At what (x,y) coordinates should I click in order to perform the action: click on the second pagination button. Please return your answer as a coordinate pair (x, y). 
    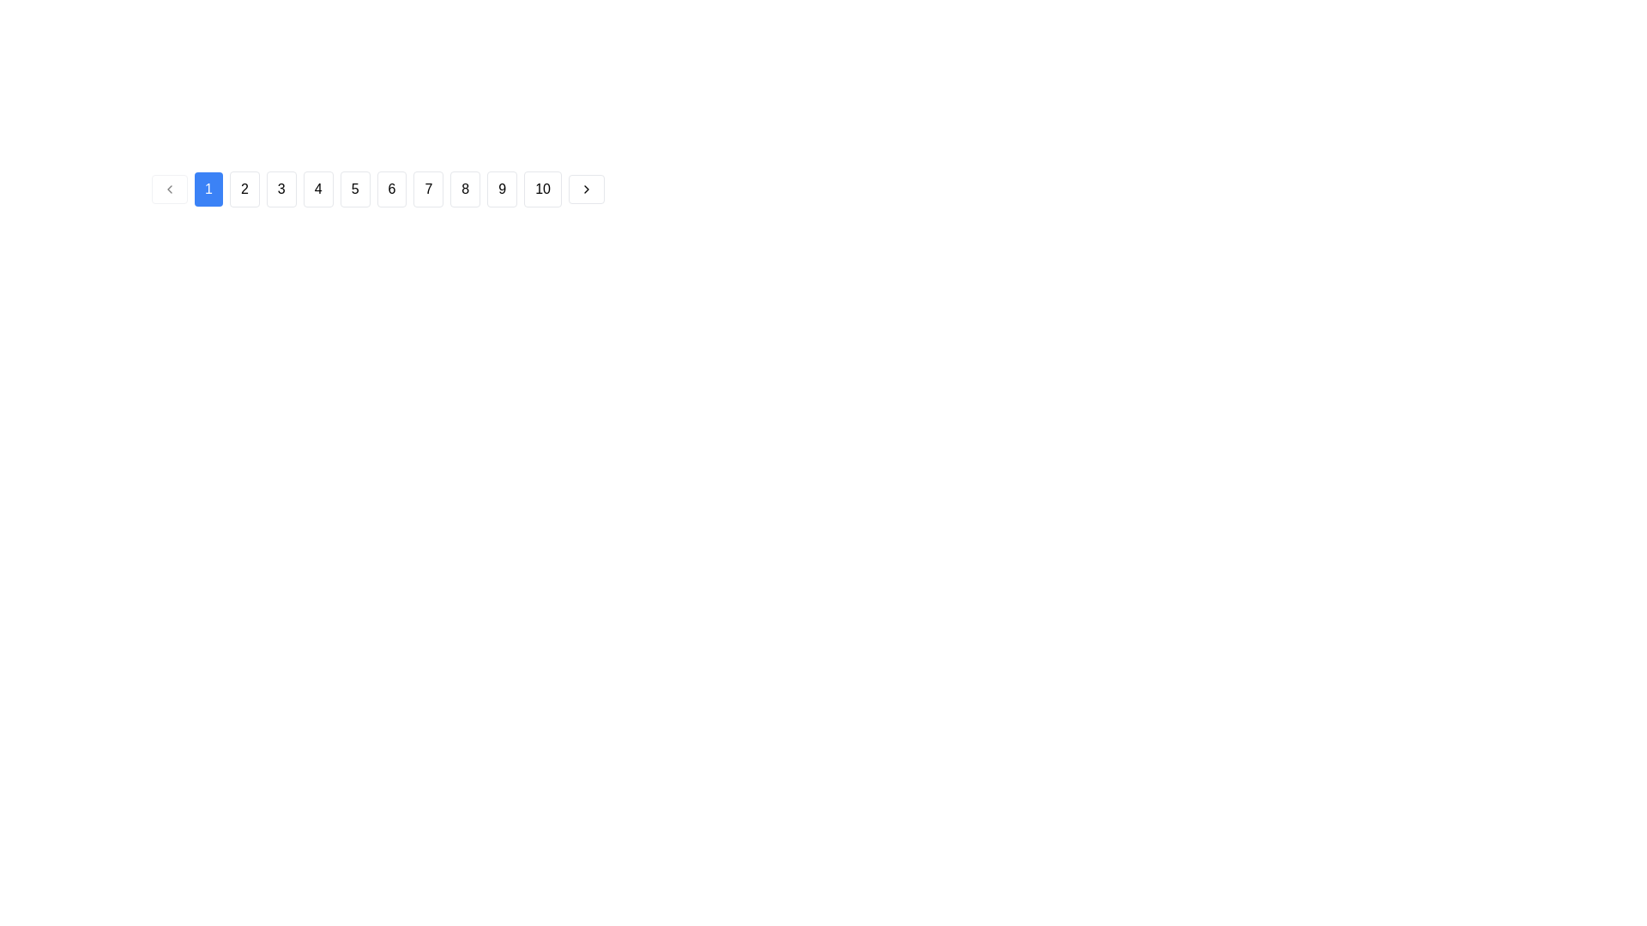
    Looking at the image, I should click on (244, 189).